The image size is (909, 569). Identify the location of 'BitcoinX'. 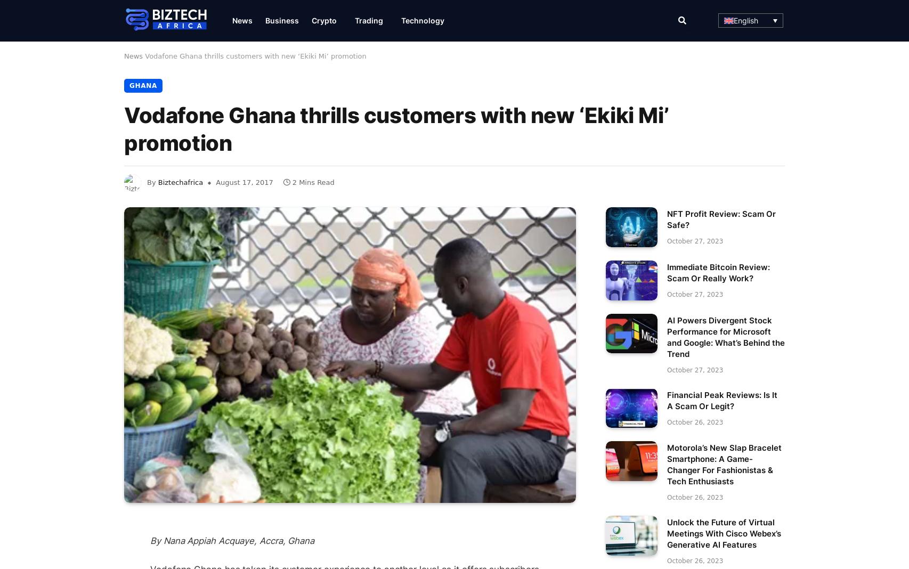
(572, 328).